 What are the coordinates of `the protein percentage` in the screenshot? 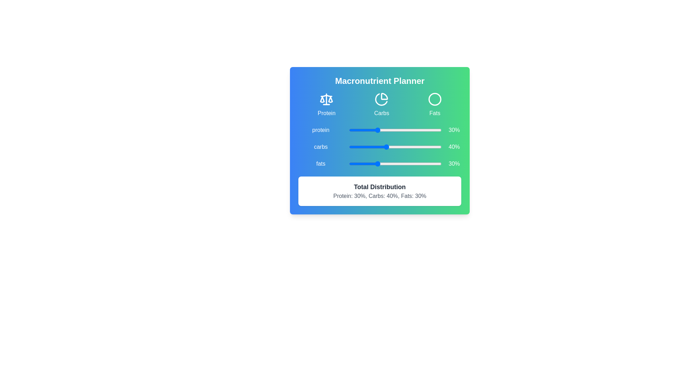 It's located at (388, 130).